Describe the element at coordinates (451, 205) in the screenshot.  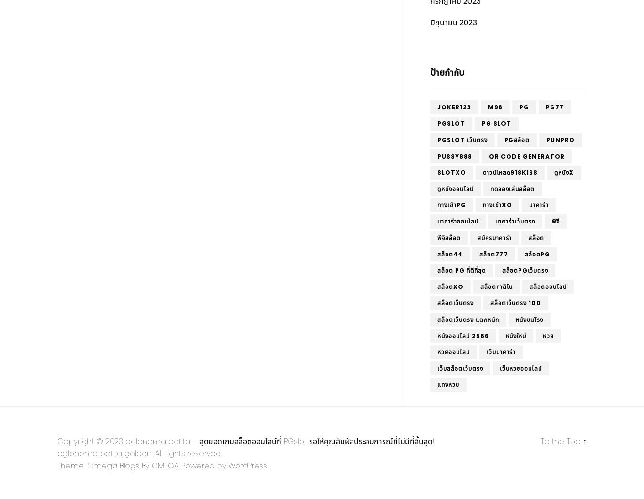
I see `'ทางเข้าpg'` at that location.